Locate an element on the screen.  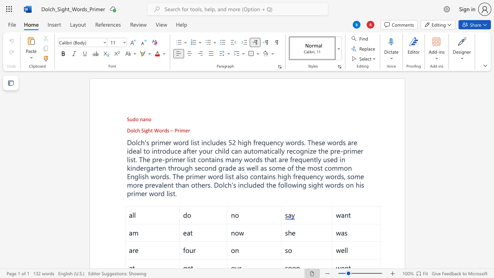
the subset text "t are" within the text "many words that are" is located at coordinates (274, 159).